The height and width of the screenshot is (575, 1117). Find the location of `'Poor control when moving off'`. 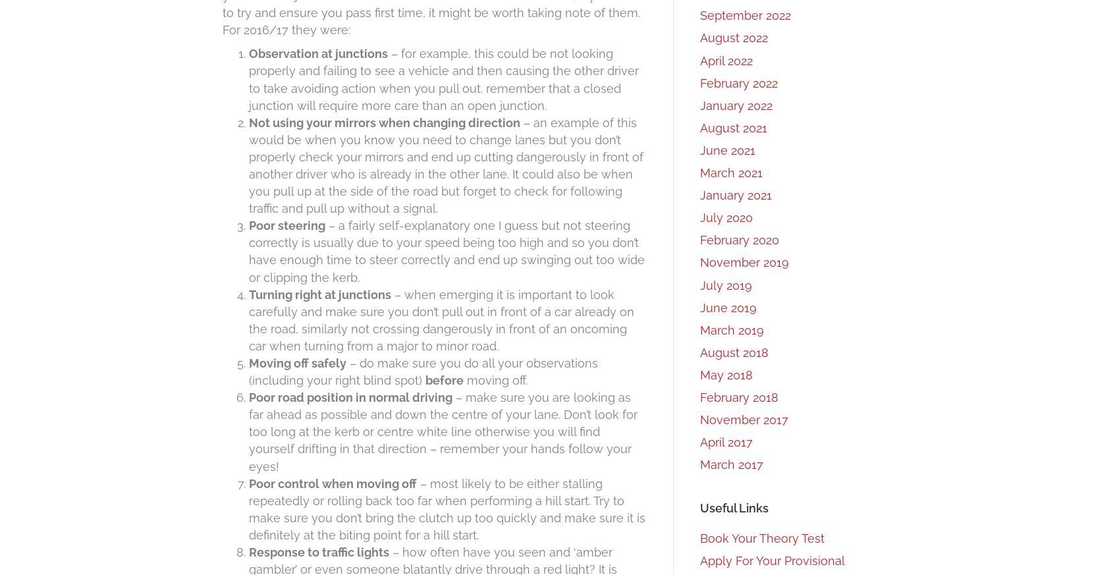

'Poor control when moving off' is located at coordinates (332, 482).